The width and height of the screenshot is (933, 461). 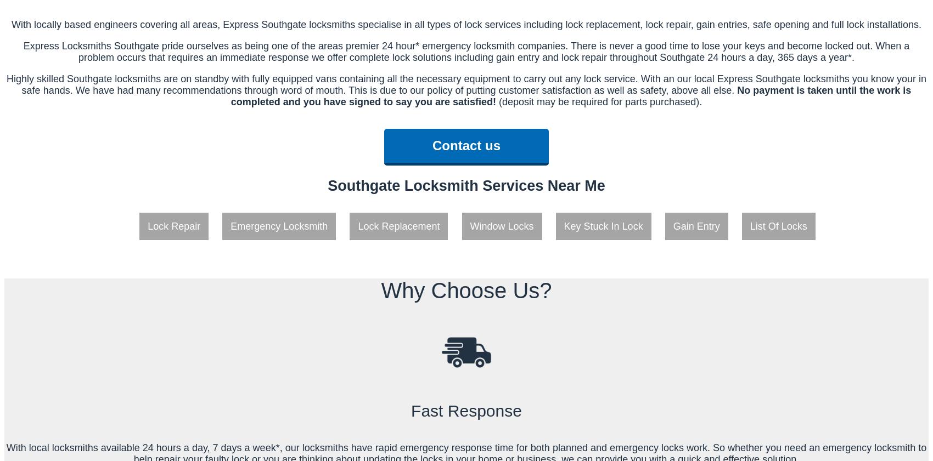 What do you see at coordinates (465, 289) in the screenshot?
I see `'Why Choose Us?'` at bounding box center [465, 289].